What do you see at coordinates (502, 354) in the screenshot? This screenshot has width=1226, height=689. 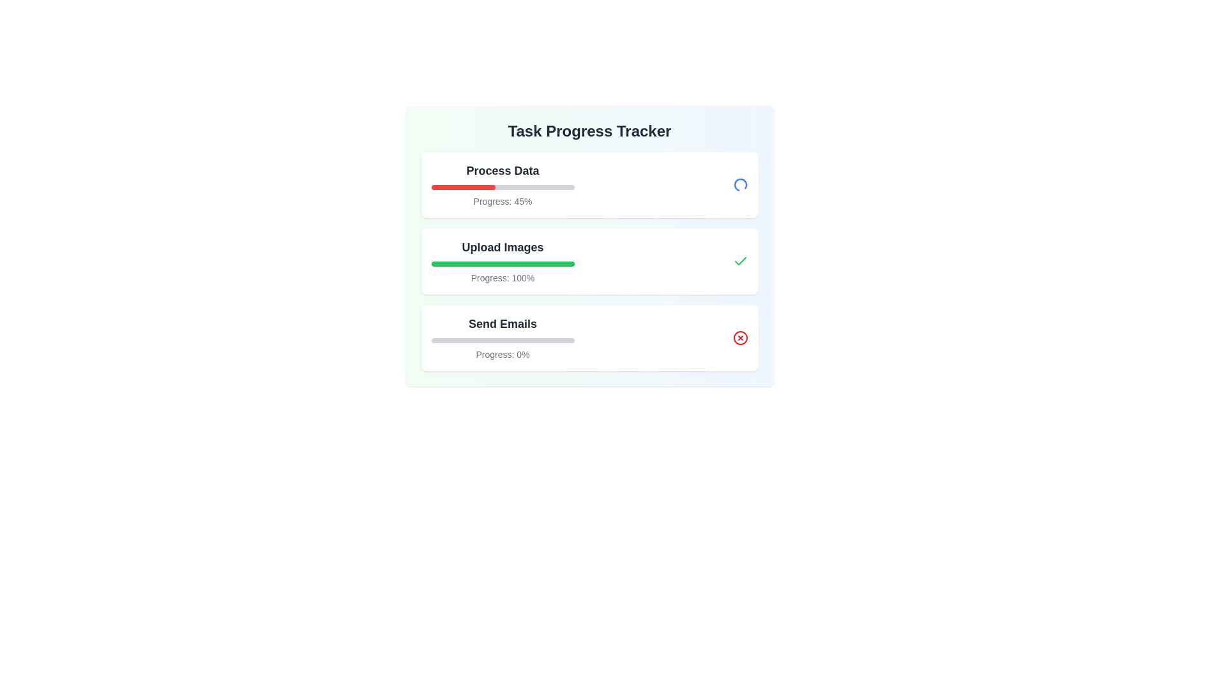 I see `the text block displaying 'Progress: 0%' located below the progress bar in the 'Send Emails' task box for additional details` at bounding box center [502, 354].